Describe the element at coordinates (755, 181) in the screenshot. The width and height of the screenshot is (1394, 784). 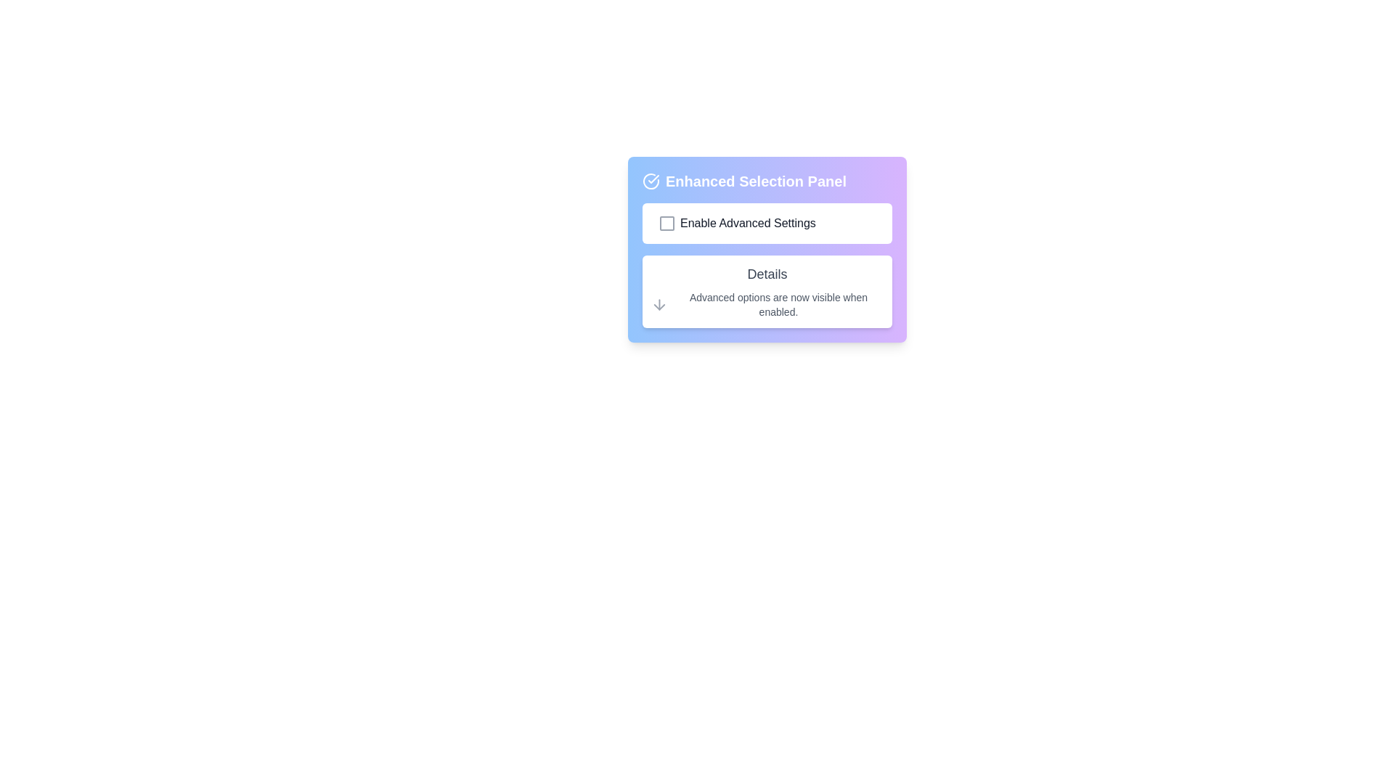
I see `the Text label that serves as a heading or title, located in the top-left of the centered group in the interface, next to an icon and above interactive elements` at that location.